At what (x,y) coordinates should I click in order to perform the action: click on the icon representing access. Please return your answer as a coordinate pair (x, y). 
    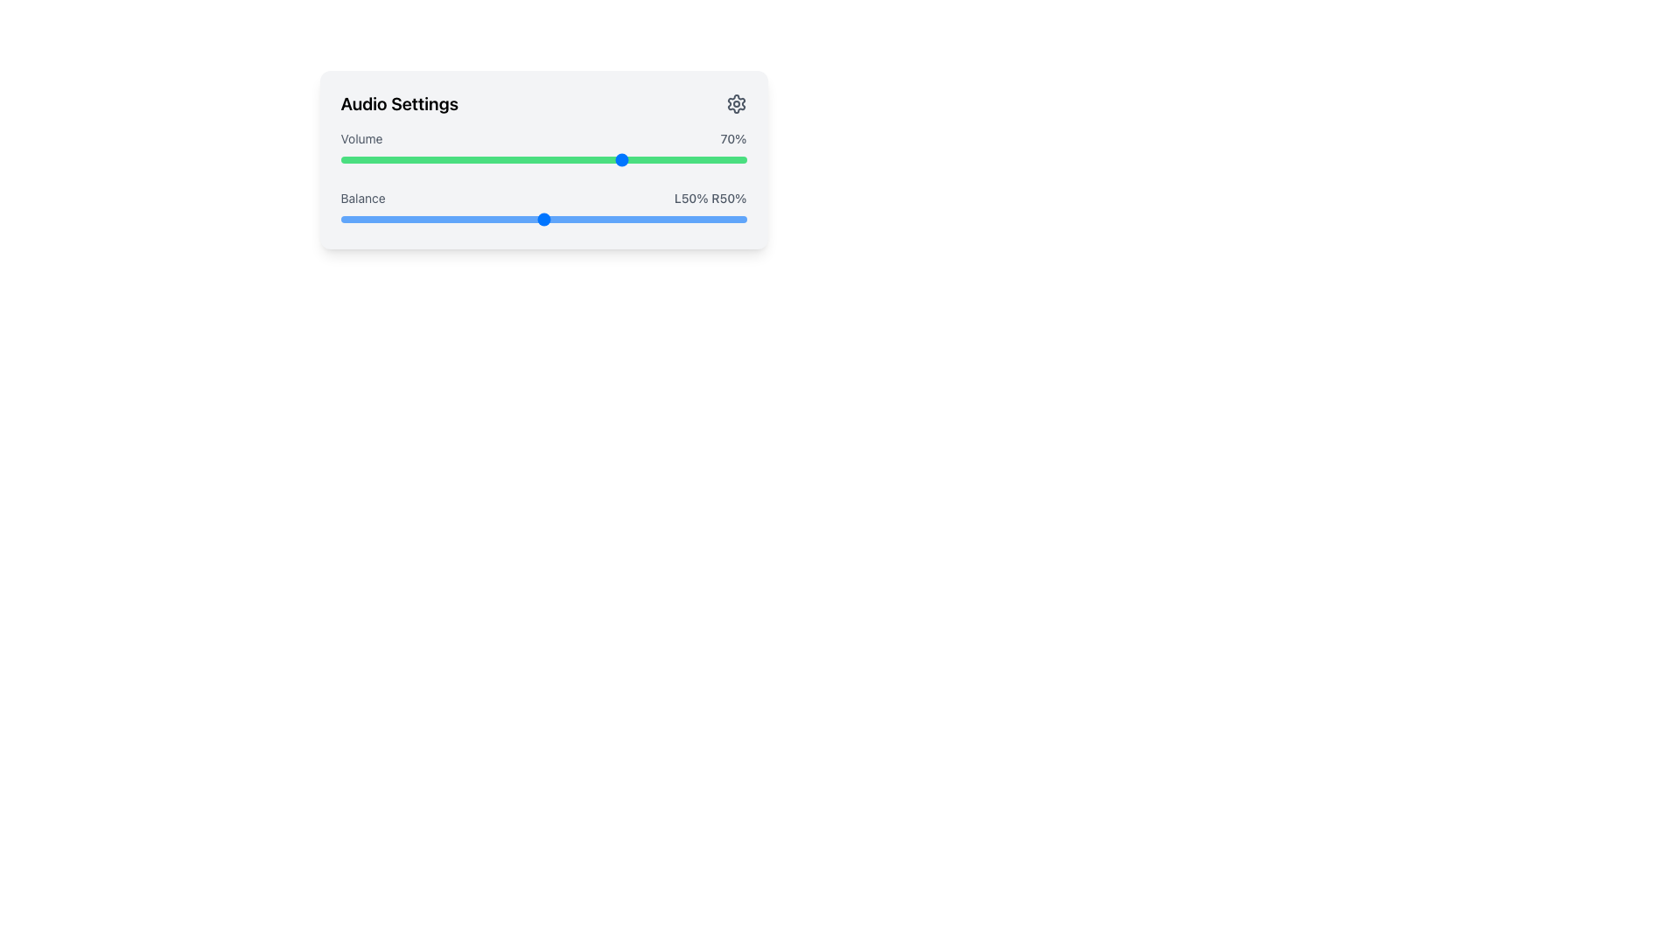
    Looking at the image, I should click on (736, 104).